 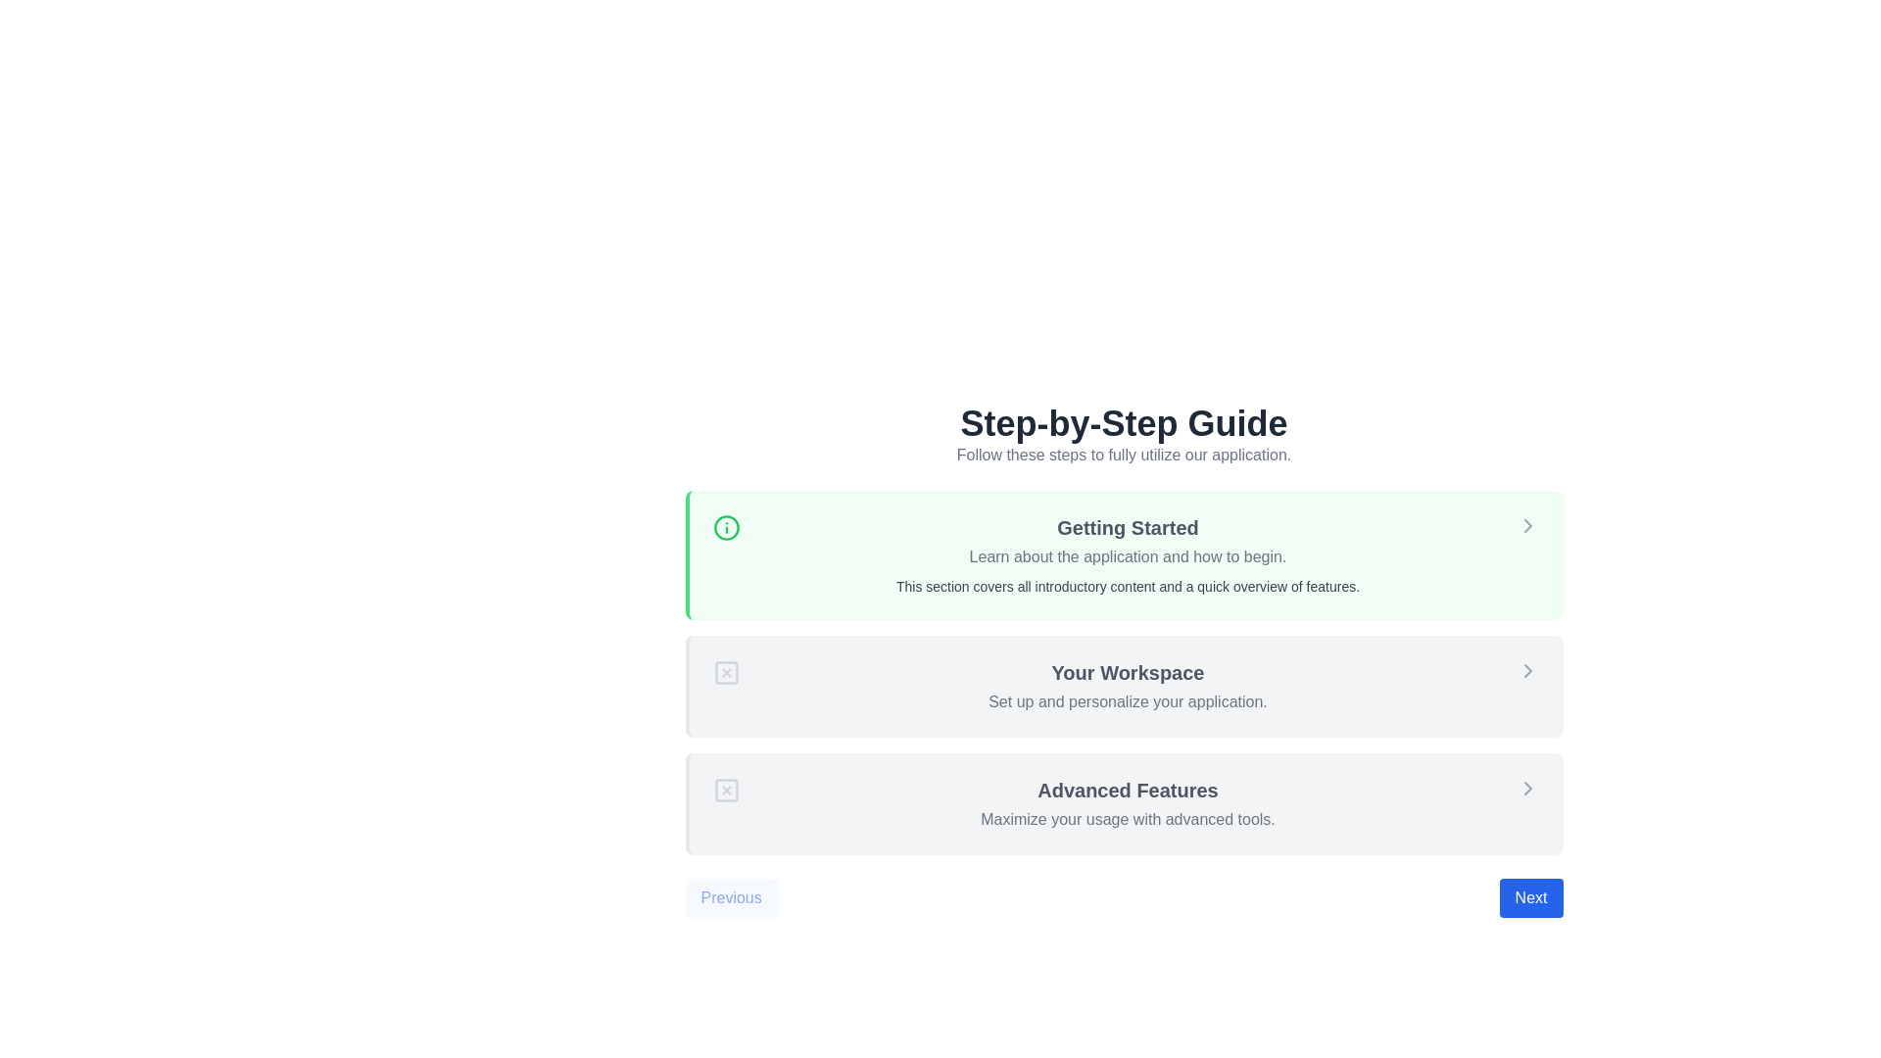 I want to click on the icon located to the left of the 'Your Workspace' section, positioned between 'Getting Started' and 'Advanced Features', so click(x=725, y=671).